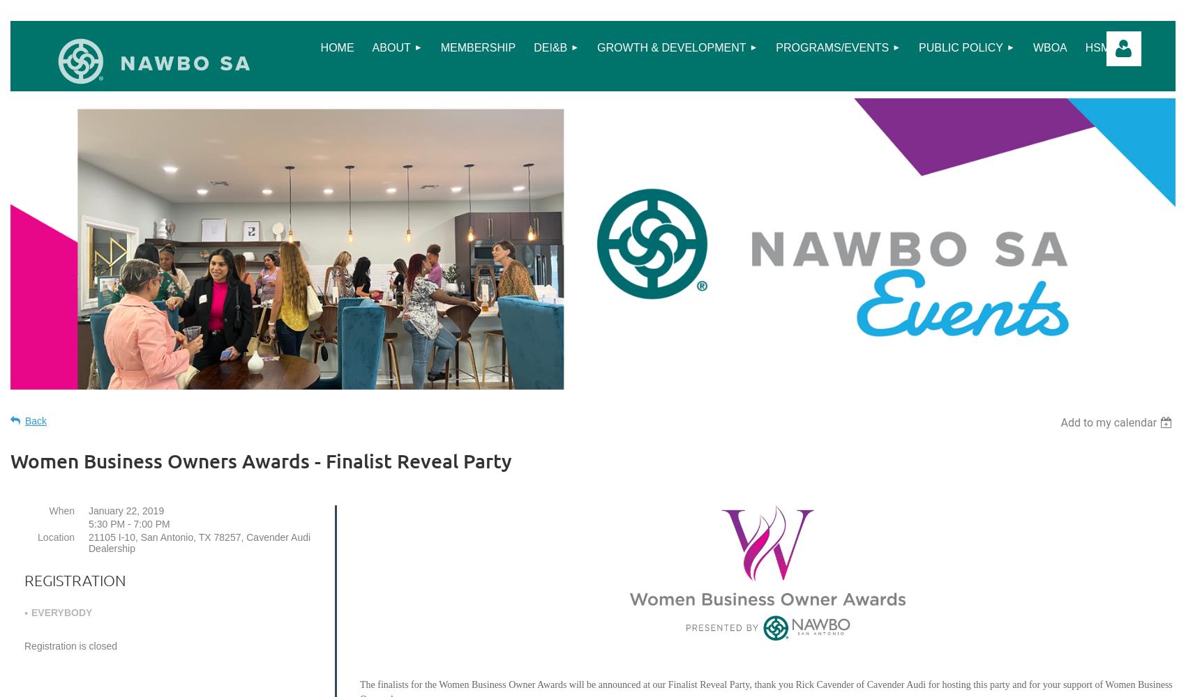 This screenshot has height=697, width=1186. Describe the element at coordinates (670, 47) in the screenshot. I see `'Growth & Development'` at that location.